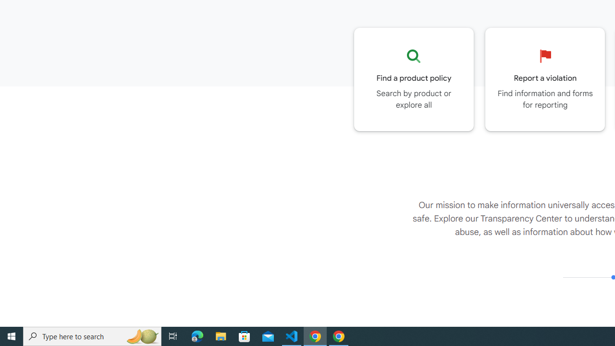  What do you see at coordinates (414, 79) in the screenshot?
I see `'Go to the Product policy page'` at bounding box center [414, 79].